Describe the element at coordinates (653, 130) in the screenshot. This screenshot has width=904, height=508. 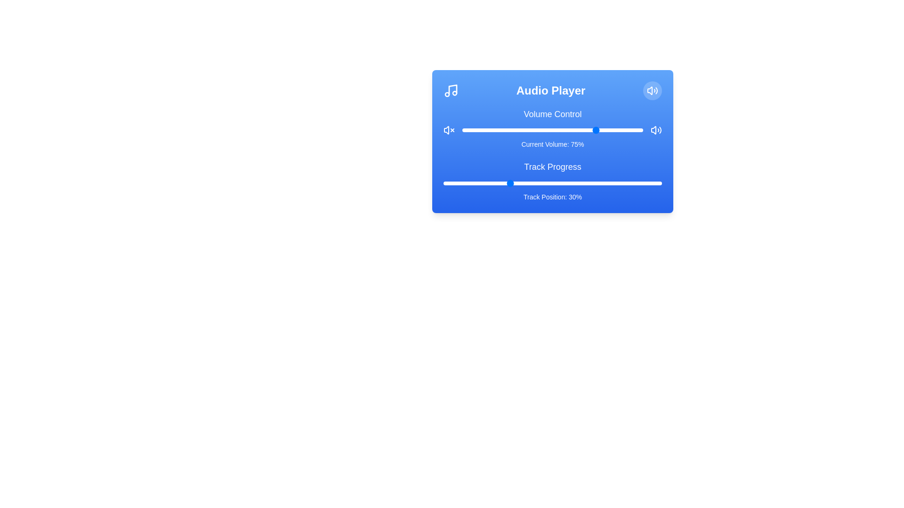
I see `the visual speaker or volume icon in the 'Volume Control' section of the 'Audio Player' interface` at that location.